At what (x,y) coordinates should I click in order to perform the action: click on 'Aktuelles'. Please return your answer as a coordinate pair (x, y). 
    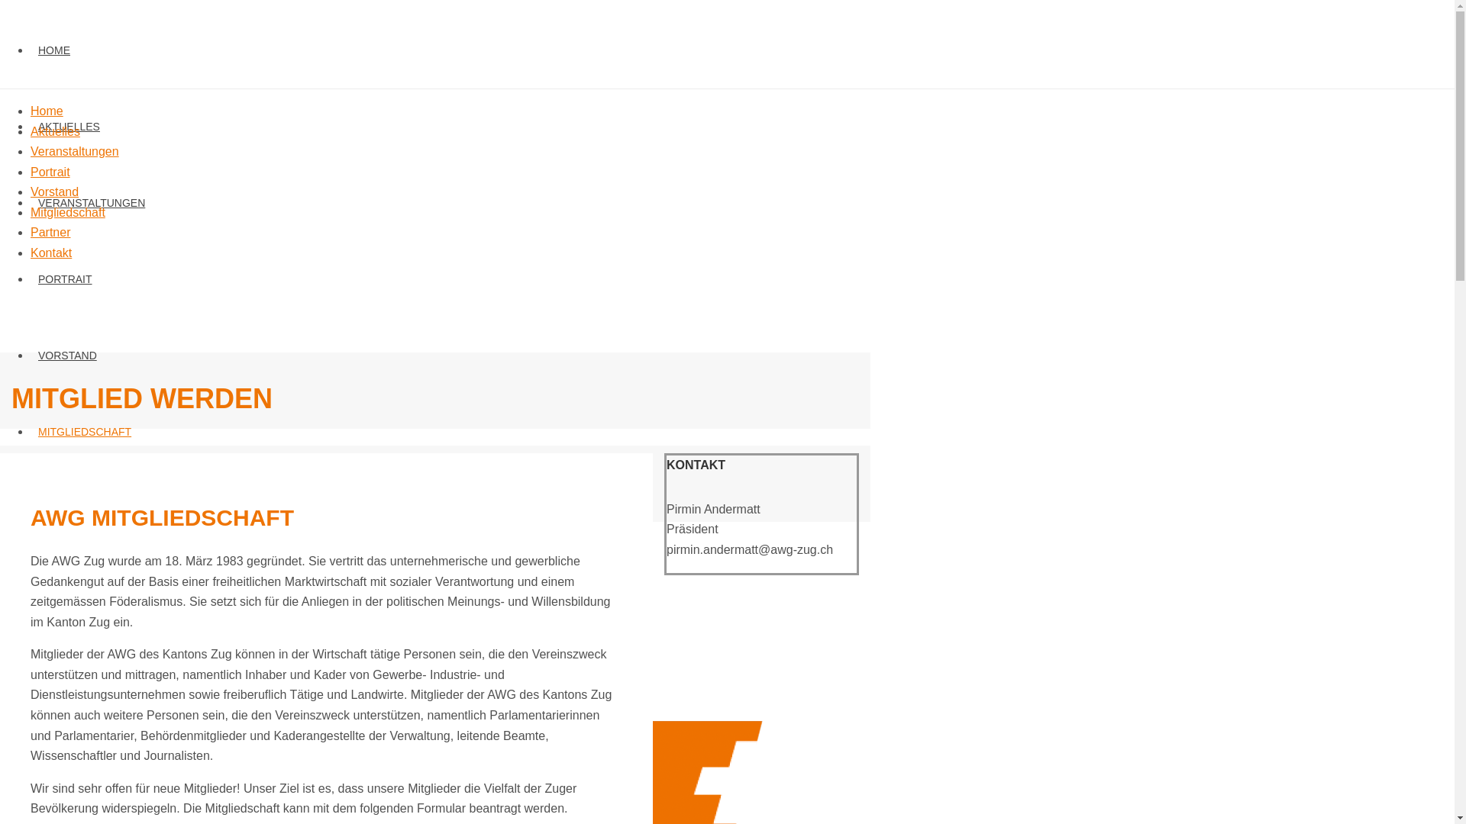
    Looking at the image, I should click on (55, 130).